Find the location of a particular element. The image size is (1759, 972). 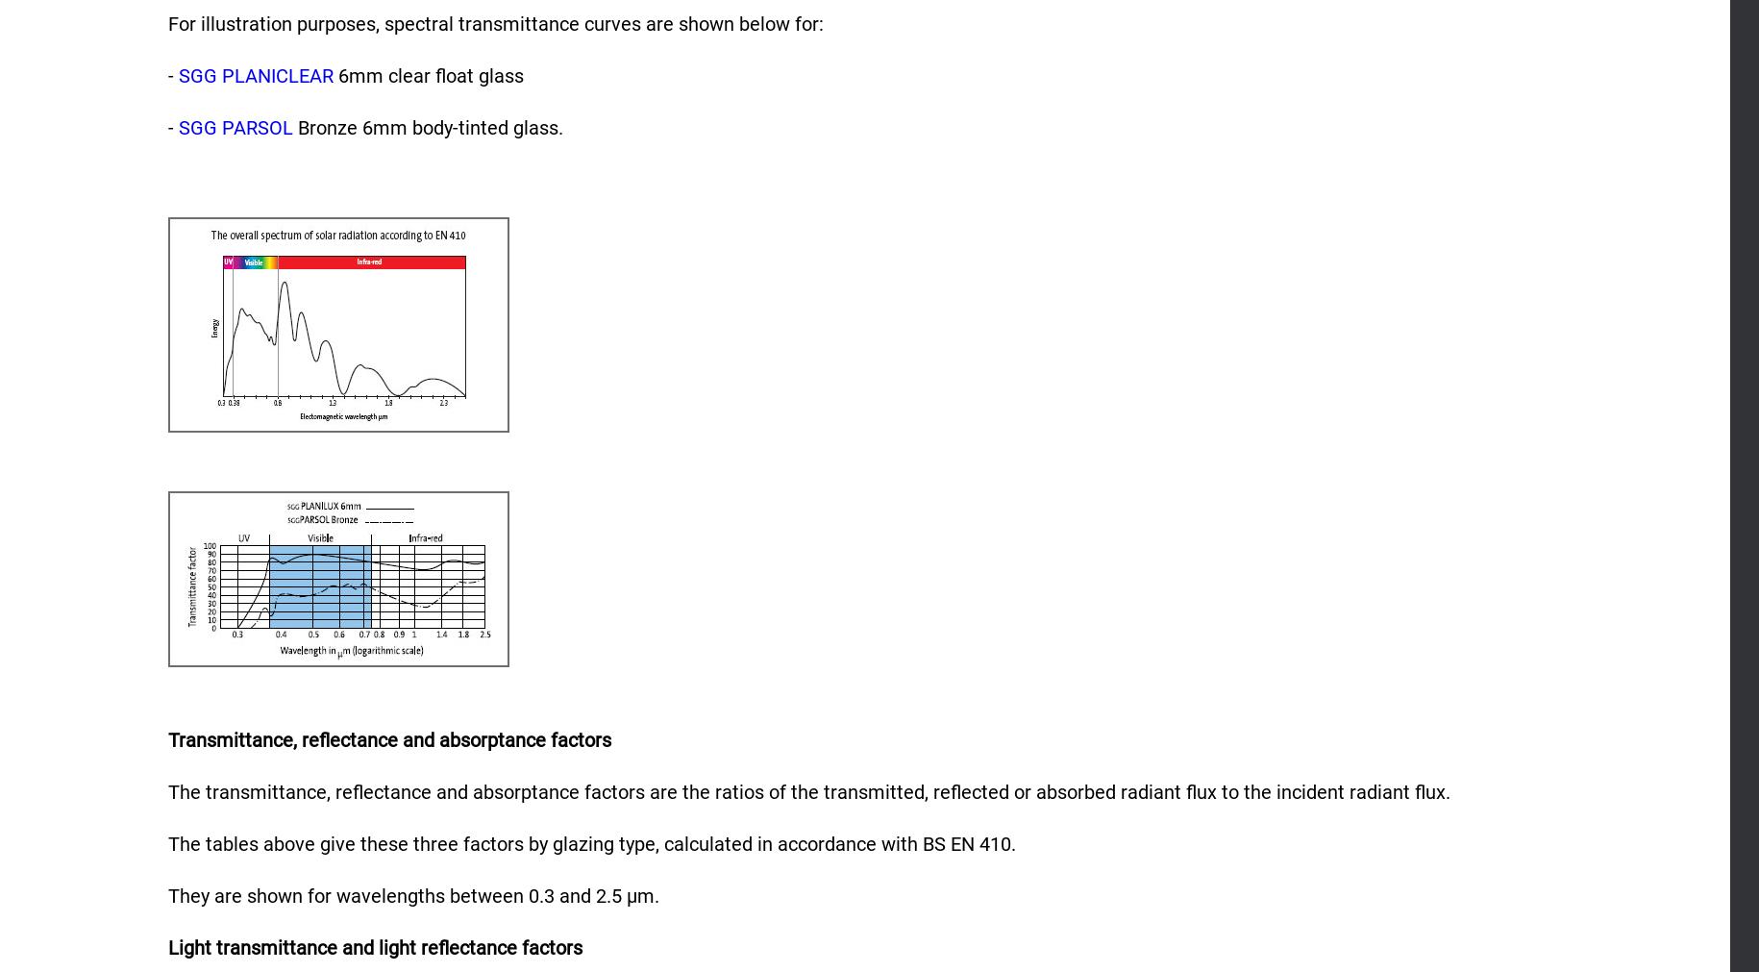

'They are shown for wavelengths between 0.3 and 2.5 µm.' is located at coordinates (412, 895).